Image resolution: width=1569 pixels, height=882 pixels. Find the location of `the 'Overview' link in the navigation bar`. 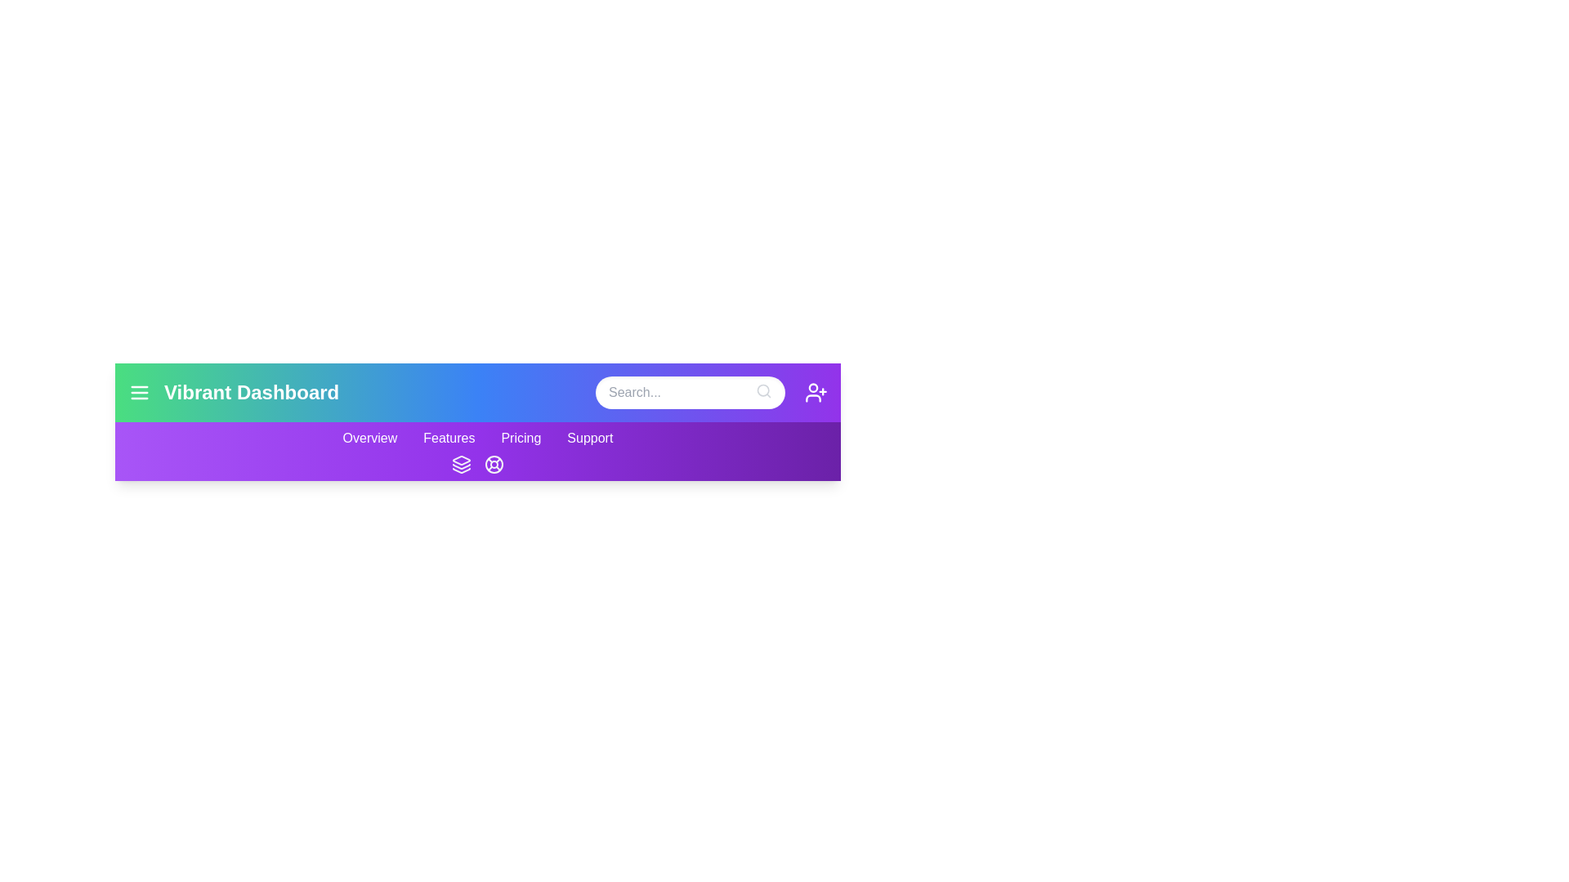

the 'Overview' link in the navigation bar is located at coordinates (368, 437).